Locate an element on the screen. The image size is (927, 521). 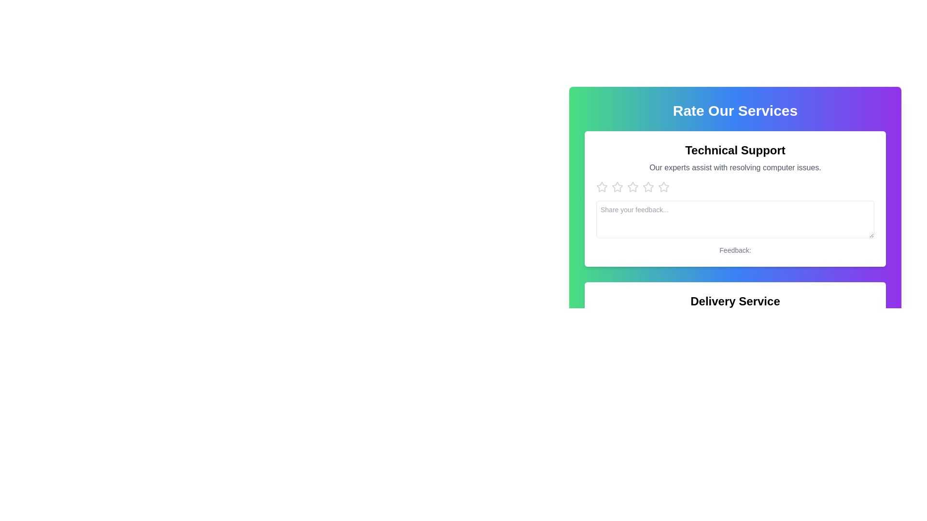
the second star icon from the left in the 'Technical Support' section of the 'Rate Our Services' panel for keyboard navigation is located at coordinates (617, 187).